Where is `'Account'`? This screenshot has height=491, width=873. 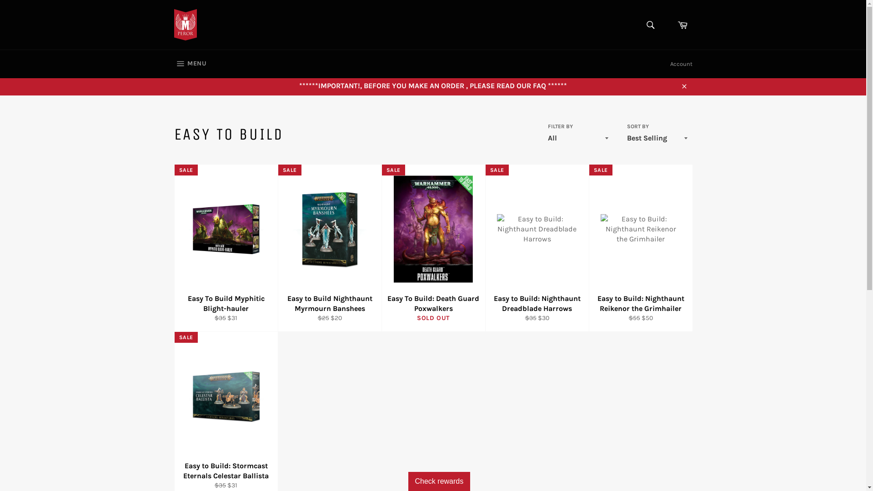
'Account' is located at coordinates (681, 64).